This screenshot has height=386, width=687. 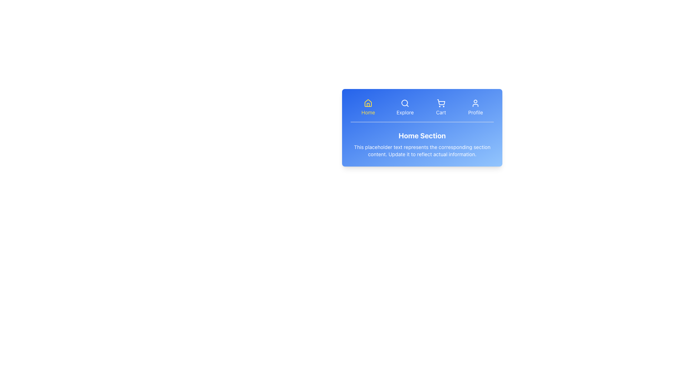 I want to click on the house icon located in the first section of the navigation bar, so click(x=368, y=103).